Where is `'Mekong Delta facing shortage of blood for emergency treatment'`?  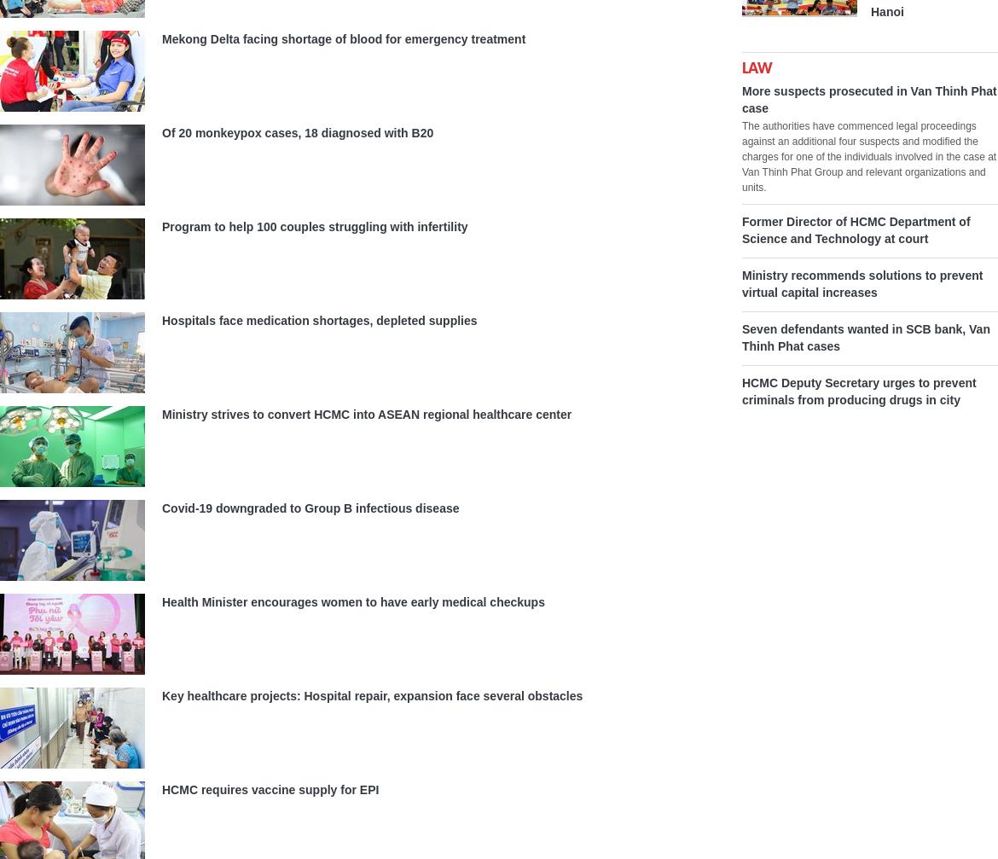 'Mekong Delta facing shortage of blood for emergency treatment' is located at coordinates (161, 38).